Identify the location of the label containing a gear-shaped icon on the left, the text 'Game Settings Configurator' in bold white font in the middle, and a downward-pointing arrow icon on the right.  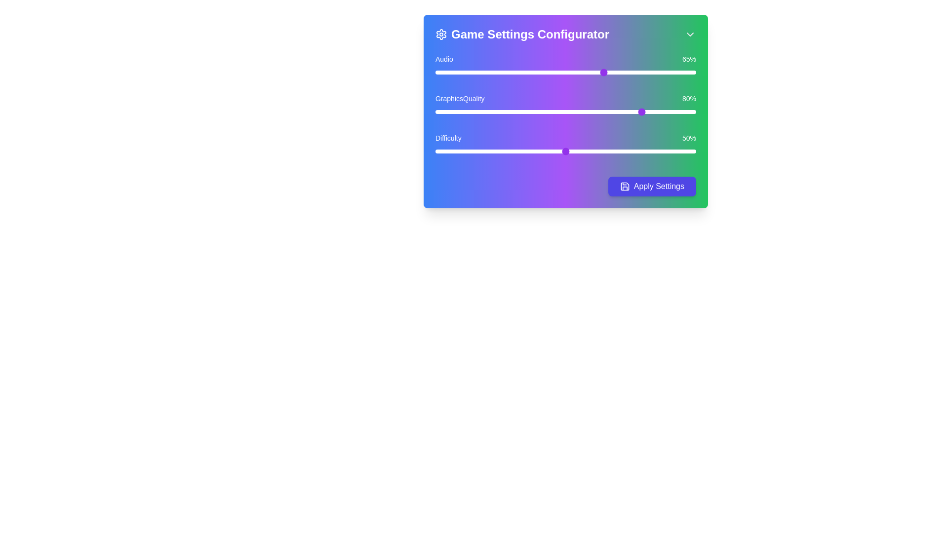
(566, 34).